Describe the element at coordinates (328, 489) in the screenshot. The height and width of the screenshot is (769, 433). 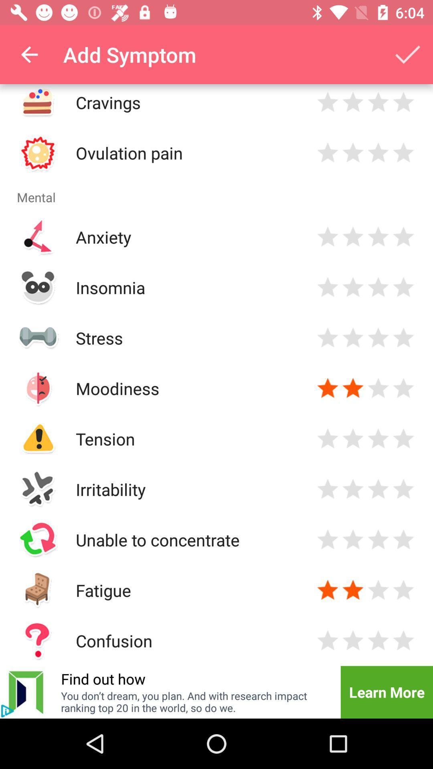
I see `low irritability` at that location.